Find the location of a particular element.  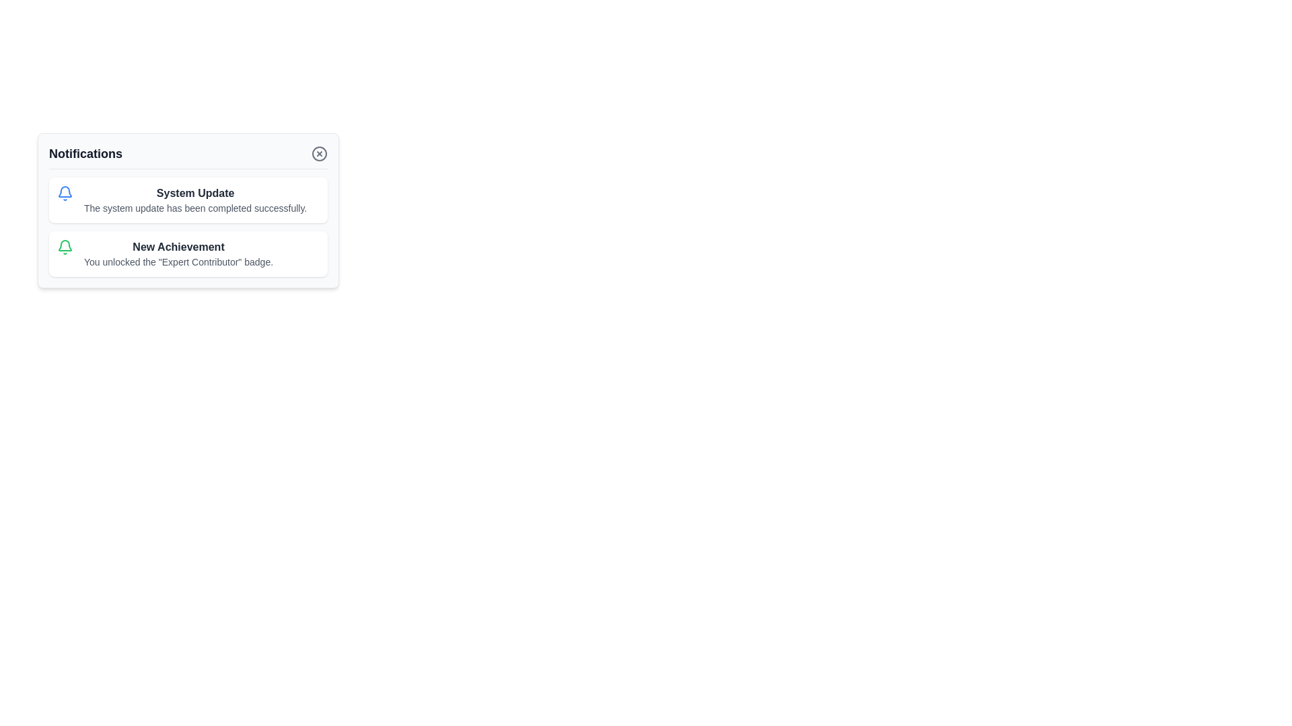

the small blue bell icon used for notifications, which is located next to the 'System Update' title in the notification card is located at coordinates (64, 194).